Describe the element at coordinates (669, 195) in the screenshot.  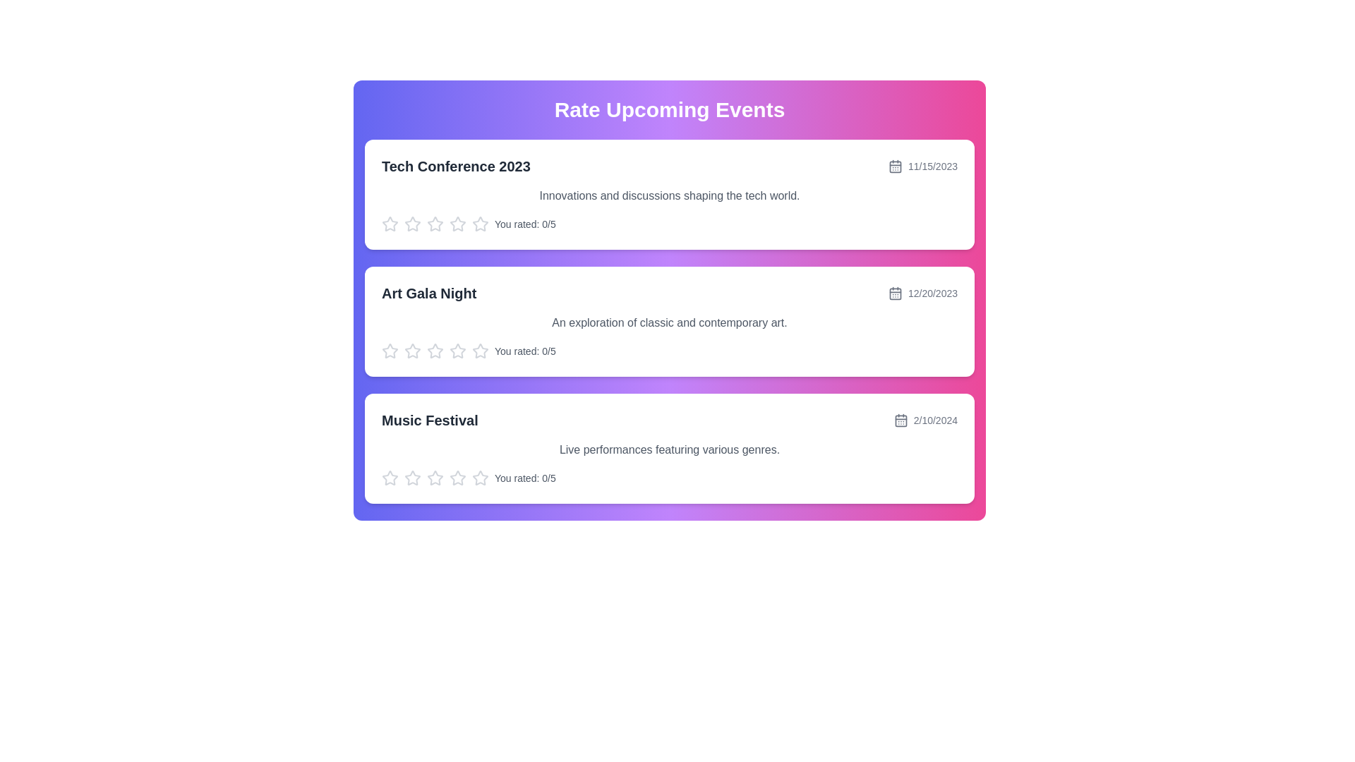
I see `text content 'Innovations and discussions shaping the tech world.' located centrally within the card-like component of the 'Tech Conference 2023' event` at that location.